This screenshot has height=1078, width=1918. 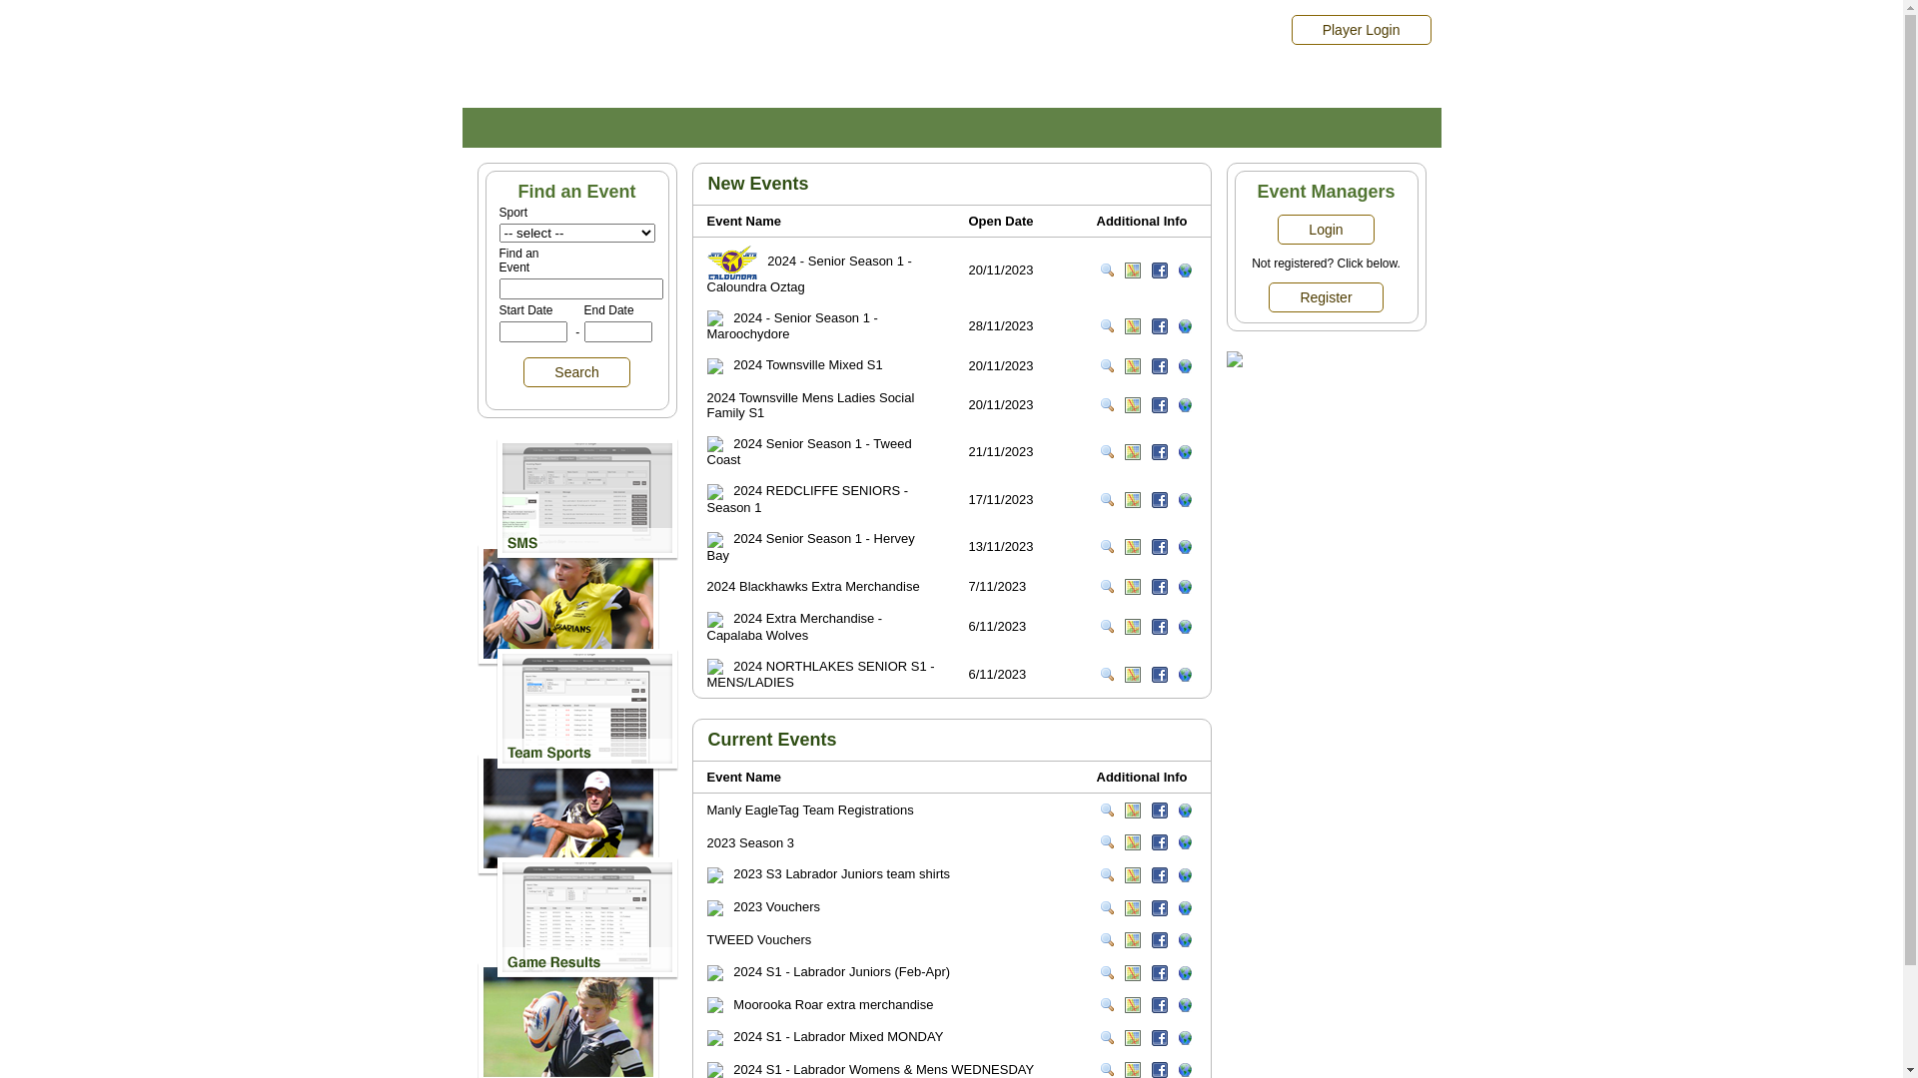 I want to click on 'View on Map', so click(x=1132, y=269).